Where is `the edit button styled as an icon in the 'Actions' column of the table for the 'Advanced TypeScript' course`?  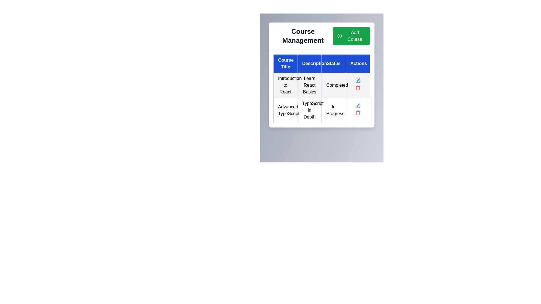 the edit button styled as an icon in the 'Actions' column of the table for the 'Advanced TypeScript' course is located at coordinates (357, 81).